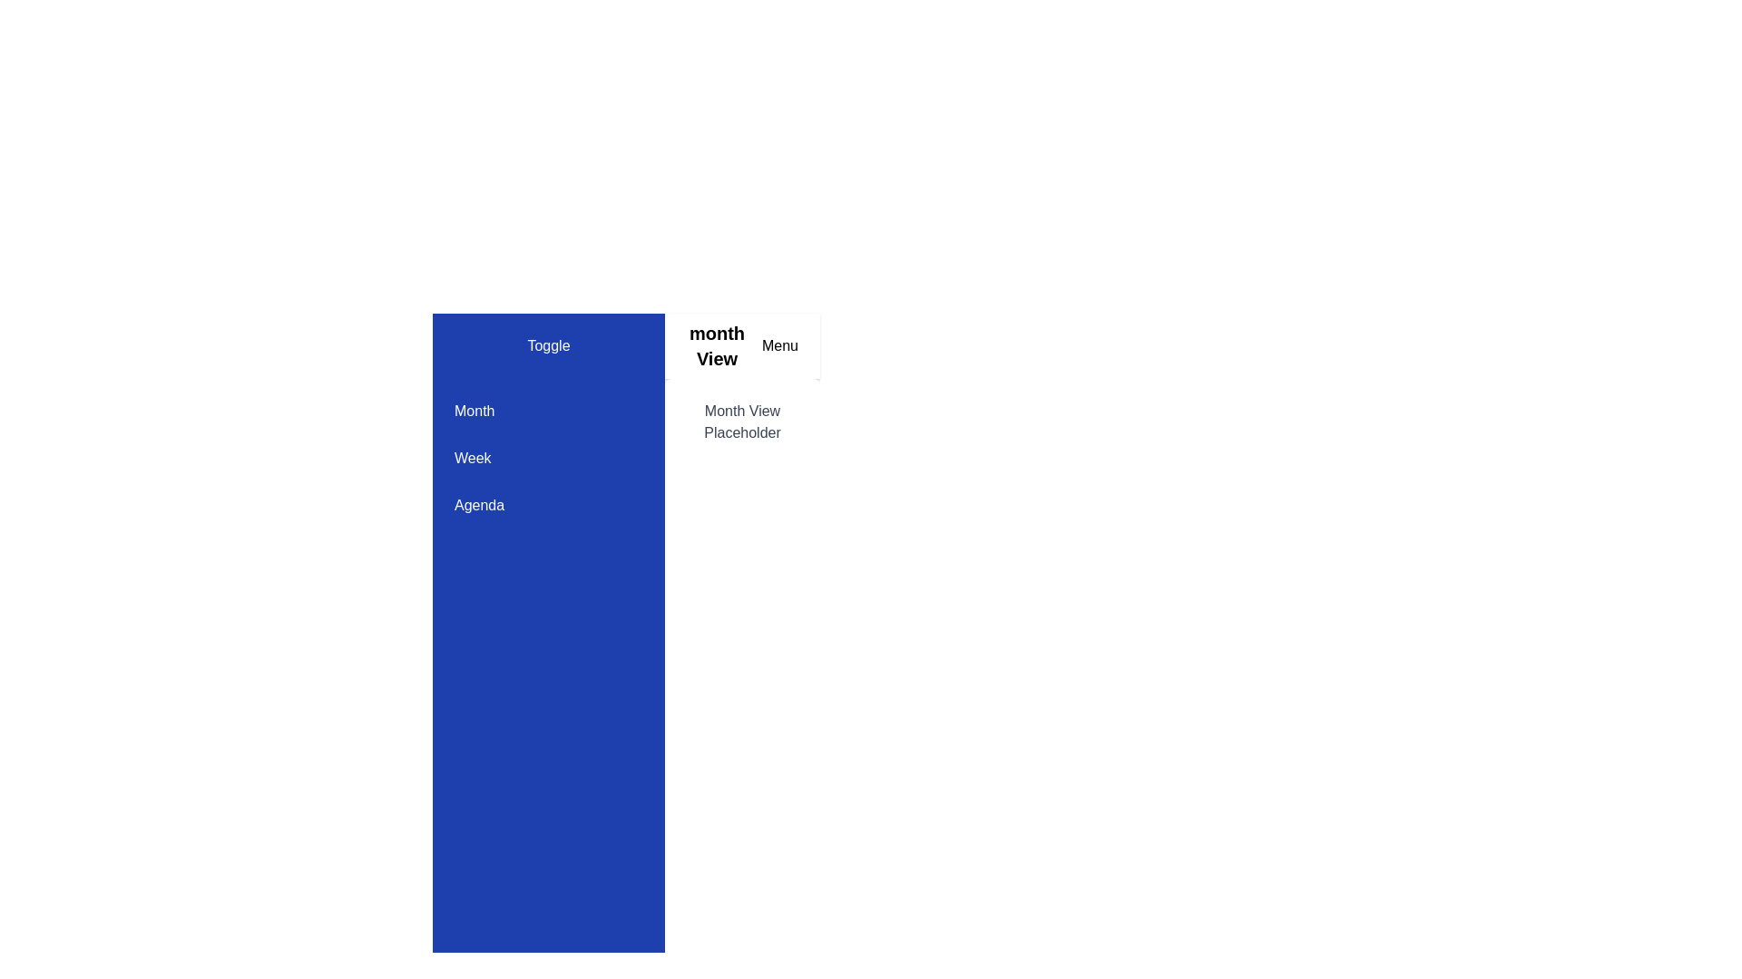 Image resolution: width=1742 pixels, height=979 pixels. Describe the element at coordinates (547, 345) in the screenshot. I see `the blue 'Toggle' button located at the top of the vertical sidebar` at that location.